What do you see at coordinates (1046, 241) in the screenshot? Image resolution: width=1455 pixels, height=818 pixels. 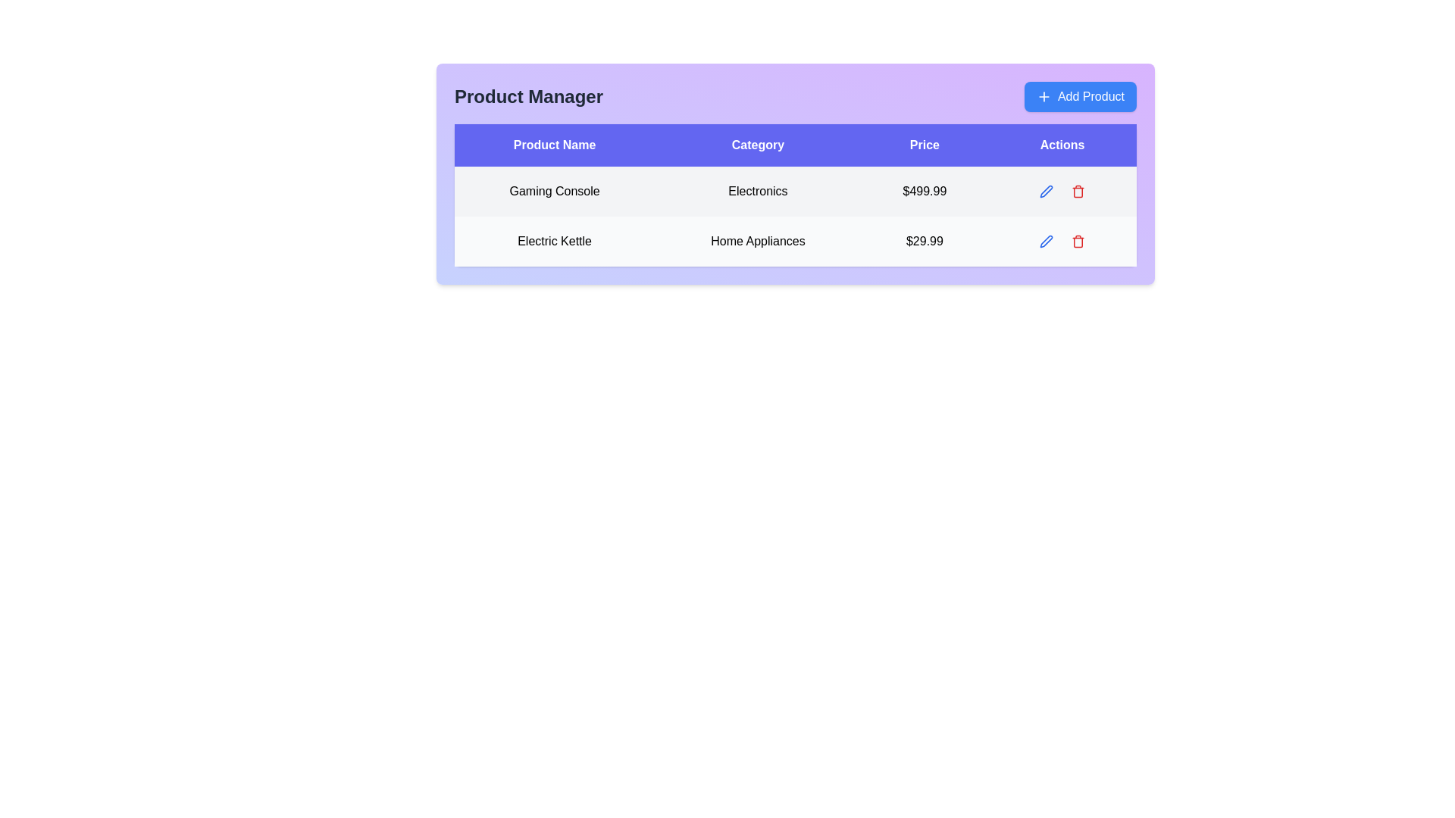 I see `the blue pen-shaped SVG icon representing editing functionality in the 'Actions' column of the second row of the data table` at bounding box center [1046, 241].